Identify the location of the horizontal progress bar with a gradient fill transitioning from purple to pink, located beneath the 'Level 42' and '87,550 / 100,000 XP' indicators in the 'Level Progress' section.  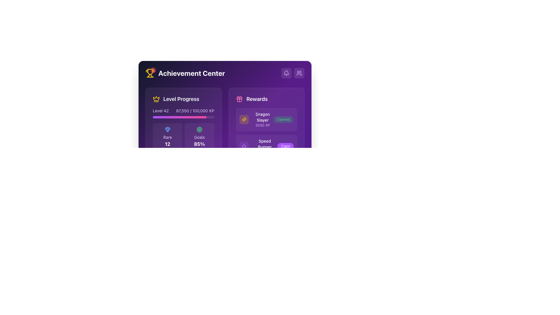
(183, 117).